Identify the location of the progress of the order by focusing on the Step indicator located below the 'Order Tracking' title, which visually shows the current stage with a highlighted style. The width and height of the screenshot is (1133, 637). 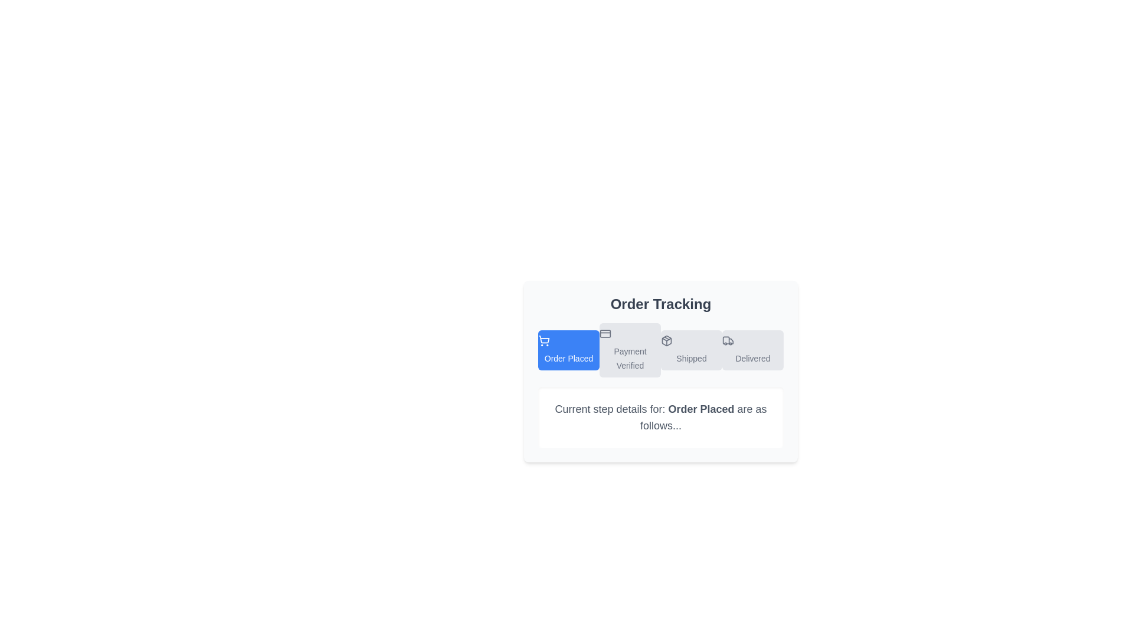
(660, 350).